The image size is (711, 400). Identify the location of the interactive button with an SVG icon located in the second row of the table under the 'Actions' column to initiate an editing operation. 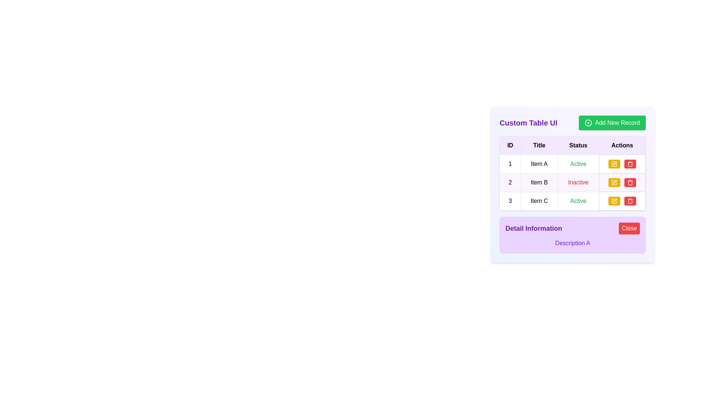
(614, 183).